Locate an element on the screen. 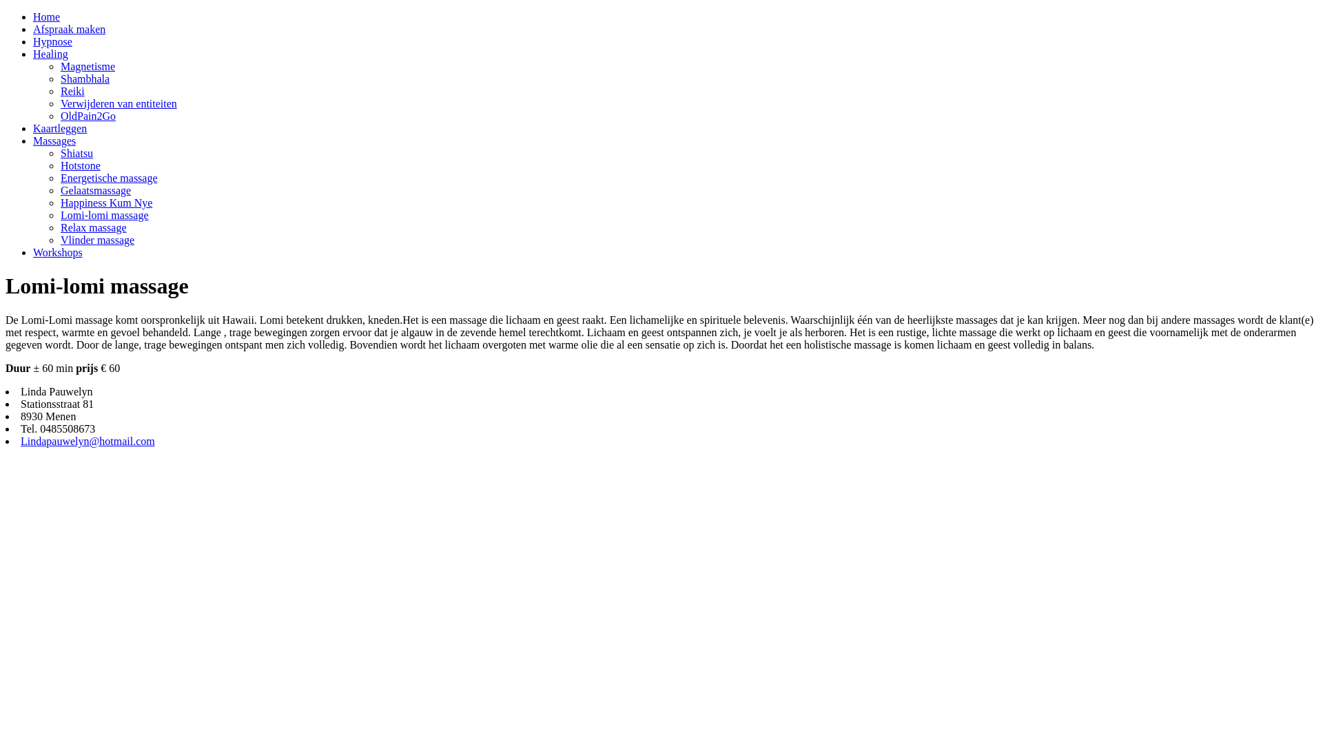  'Energetische massage' is located at coordinates (108, 177).